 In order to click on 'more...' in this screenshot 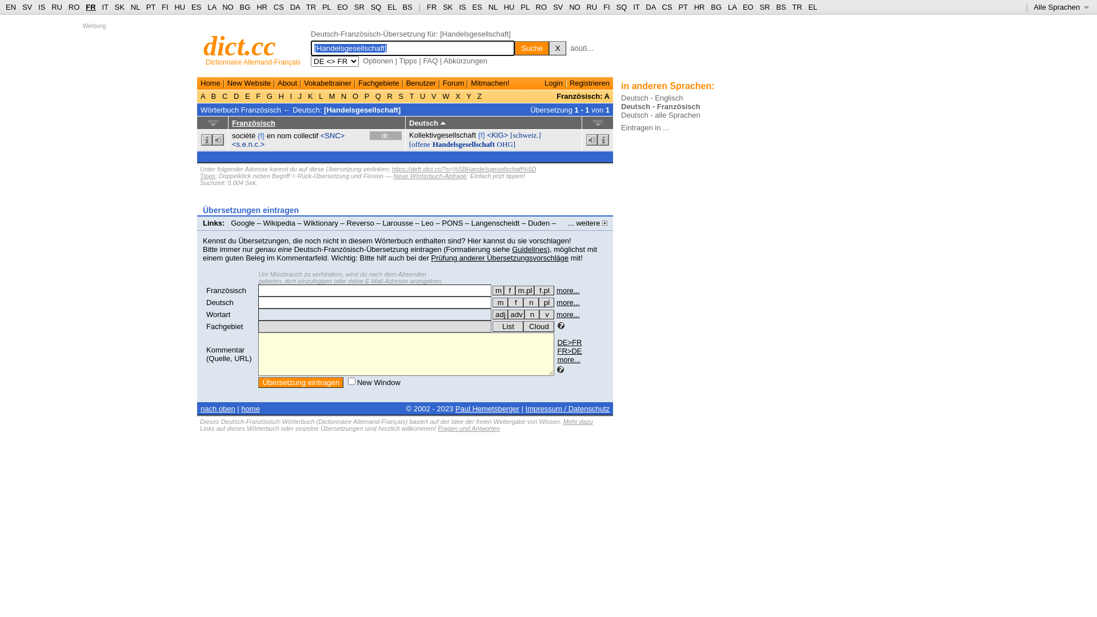, I will do `click(568, 359)`.